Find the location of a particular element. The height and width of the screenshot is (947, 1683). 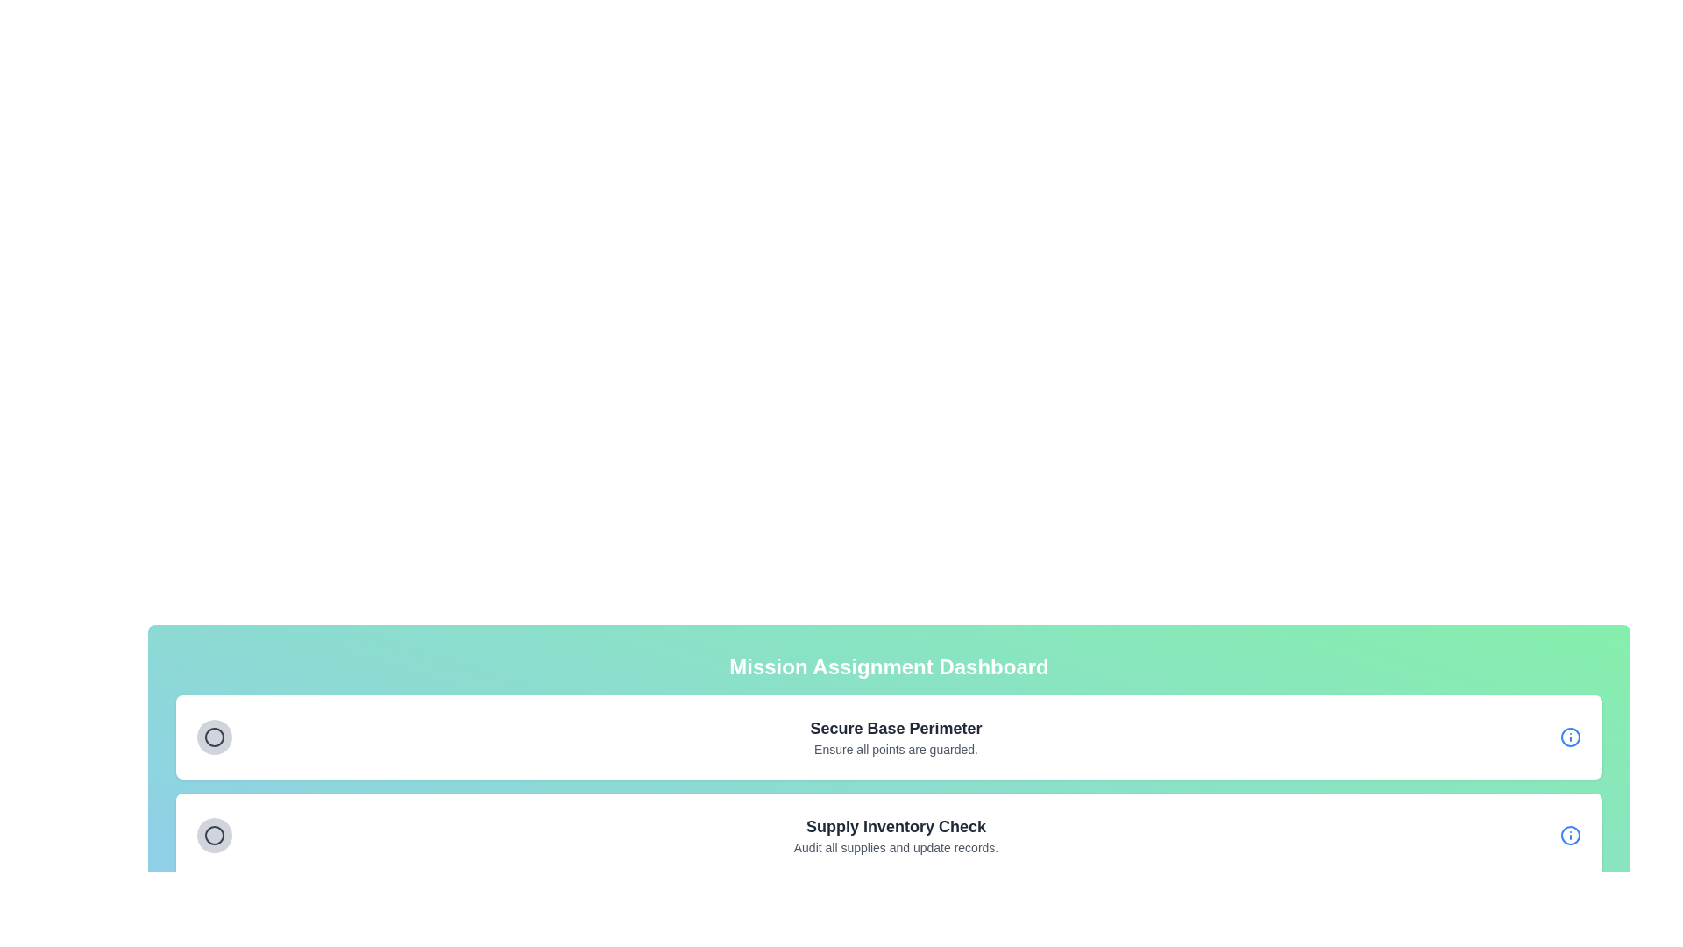

the 'Info' icon of the task 'Secure Base Perimeter' to view its details is located at coordinates (1570, 737).